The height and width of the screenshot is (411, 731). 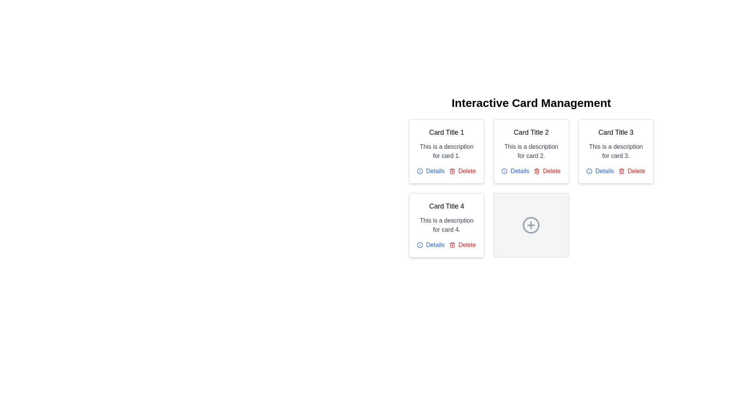 What do you see at coordinates (420, 171) in the screenshot?
I see `the Circle icon component located below the first card in the second row of the grid layout, which serves as an informative icon` at bounding box center [420, 171].